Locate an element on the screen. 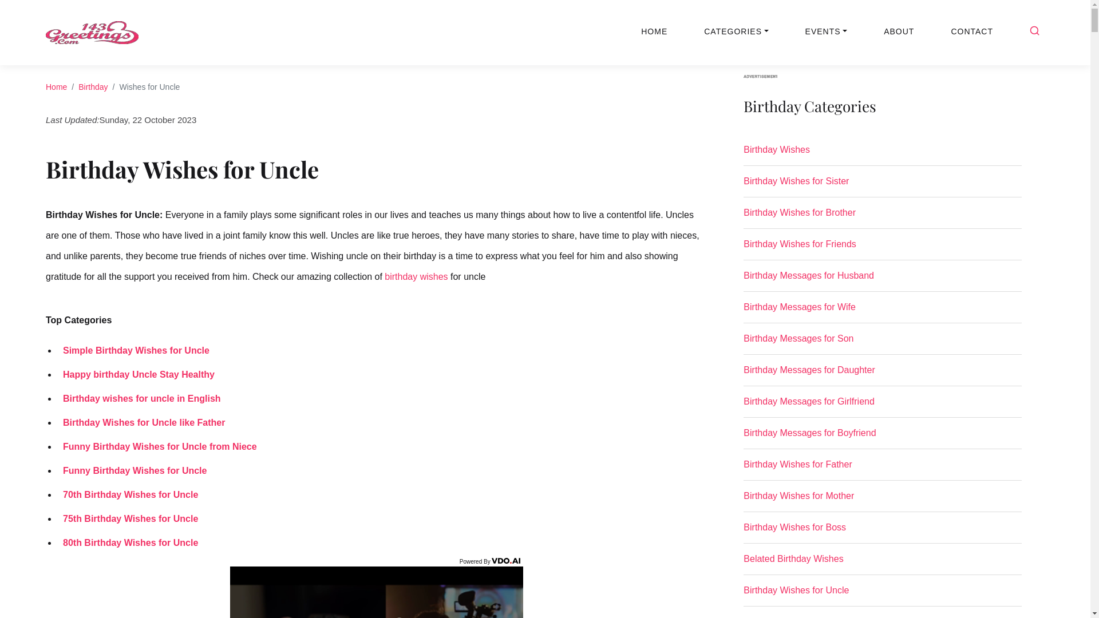 The width and height of the screenshot is (1099, 618). 'Birthday Wishes for Sister' is located at coordinates (744, 185).